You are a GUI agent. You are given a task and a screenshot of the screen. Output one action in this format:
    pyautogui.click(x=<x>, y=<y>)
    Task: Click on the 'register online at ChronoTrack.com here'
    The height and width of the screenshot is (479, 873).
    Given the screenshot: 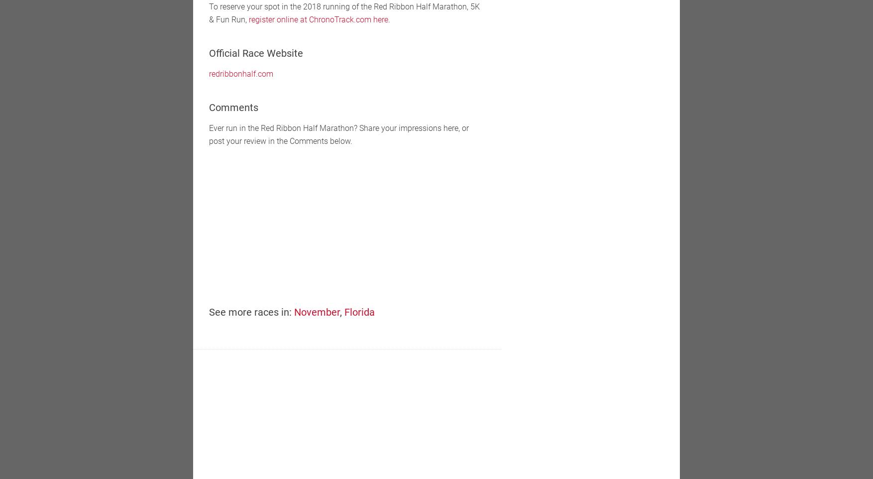 What is the action you would take?
    pyautogui.click(x=318, y=19)
    